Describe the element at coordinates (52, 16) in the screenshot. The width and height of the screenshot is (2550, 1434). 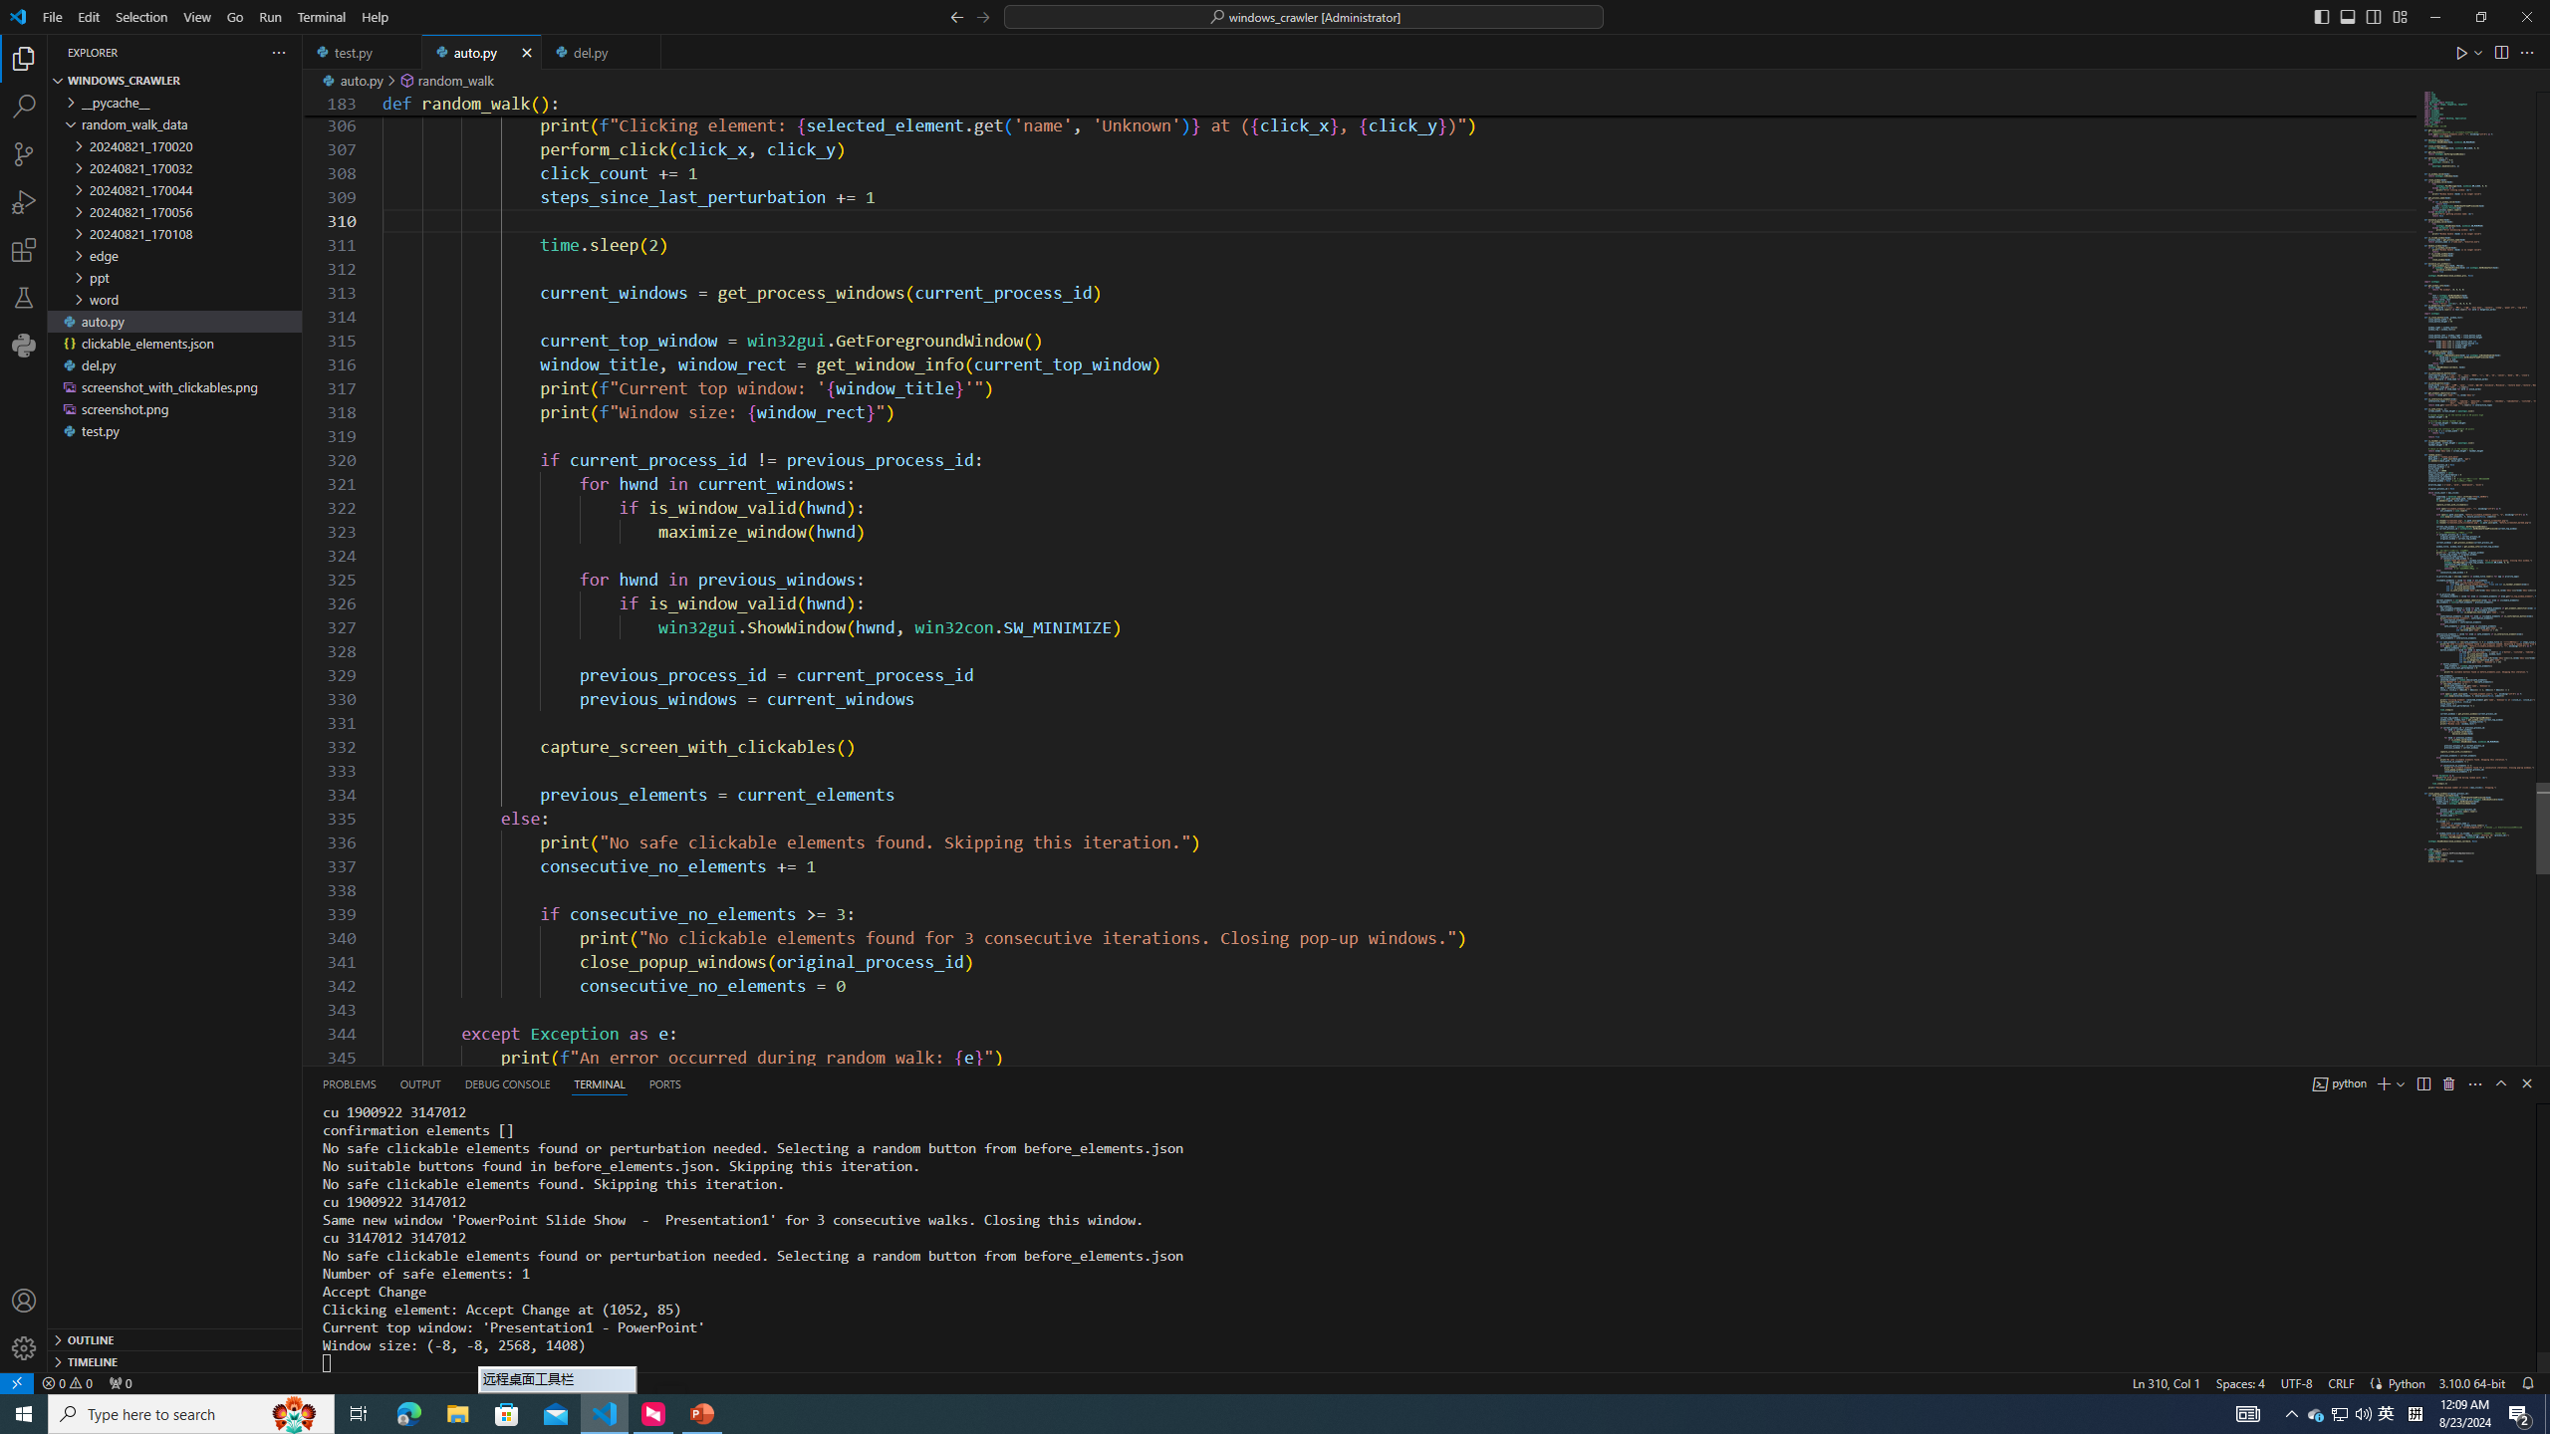
I see `'File'` at that location.